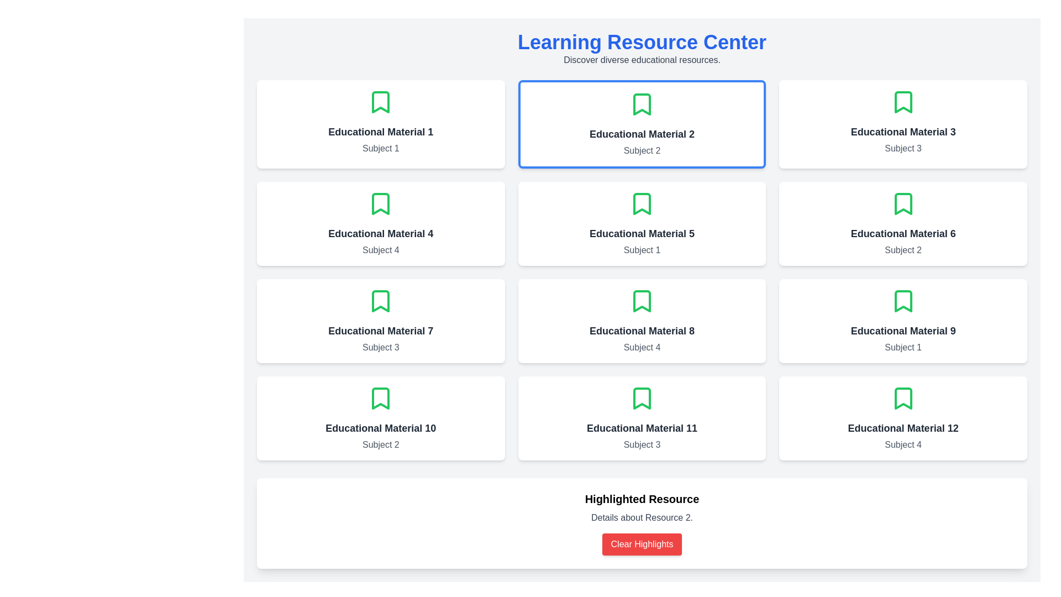 The width and height of the screenshot is (1061, 597). I want to click on the non-interactive text label displaying 'Subject 1' in a medium-sized, gray font, located at the bottom section of the card titled 'Educational Material 1', so click(381, 148).